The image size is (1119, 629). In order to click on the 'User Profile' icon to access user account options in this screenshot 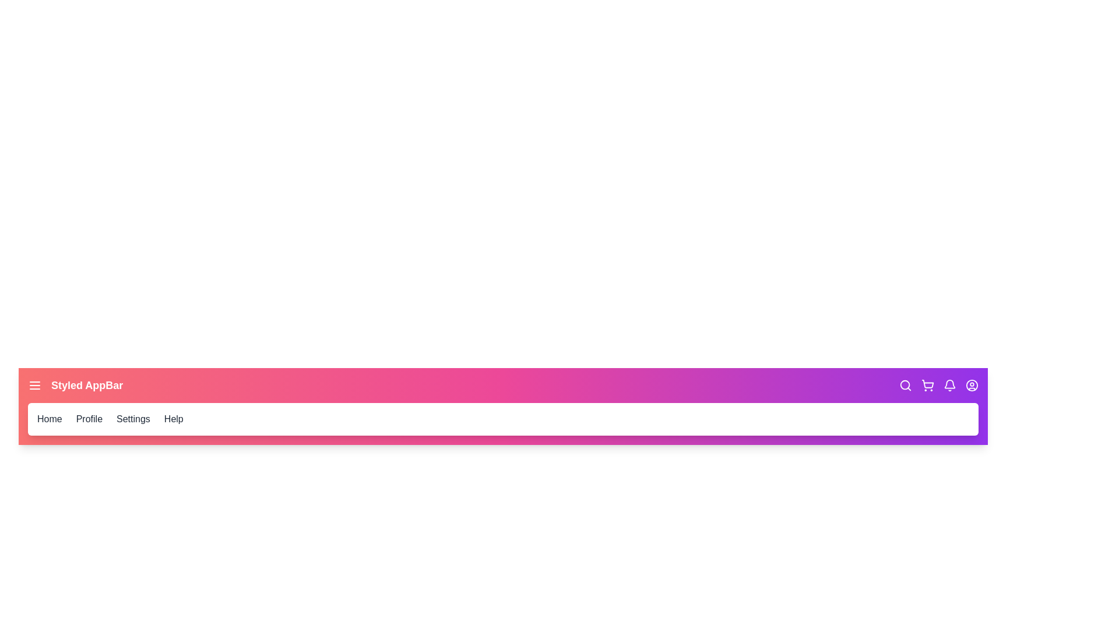, I will do `click(972, 386)`.